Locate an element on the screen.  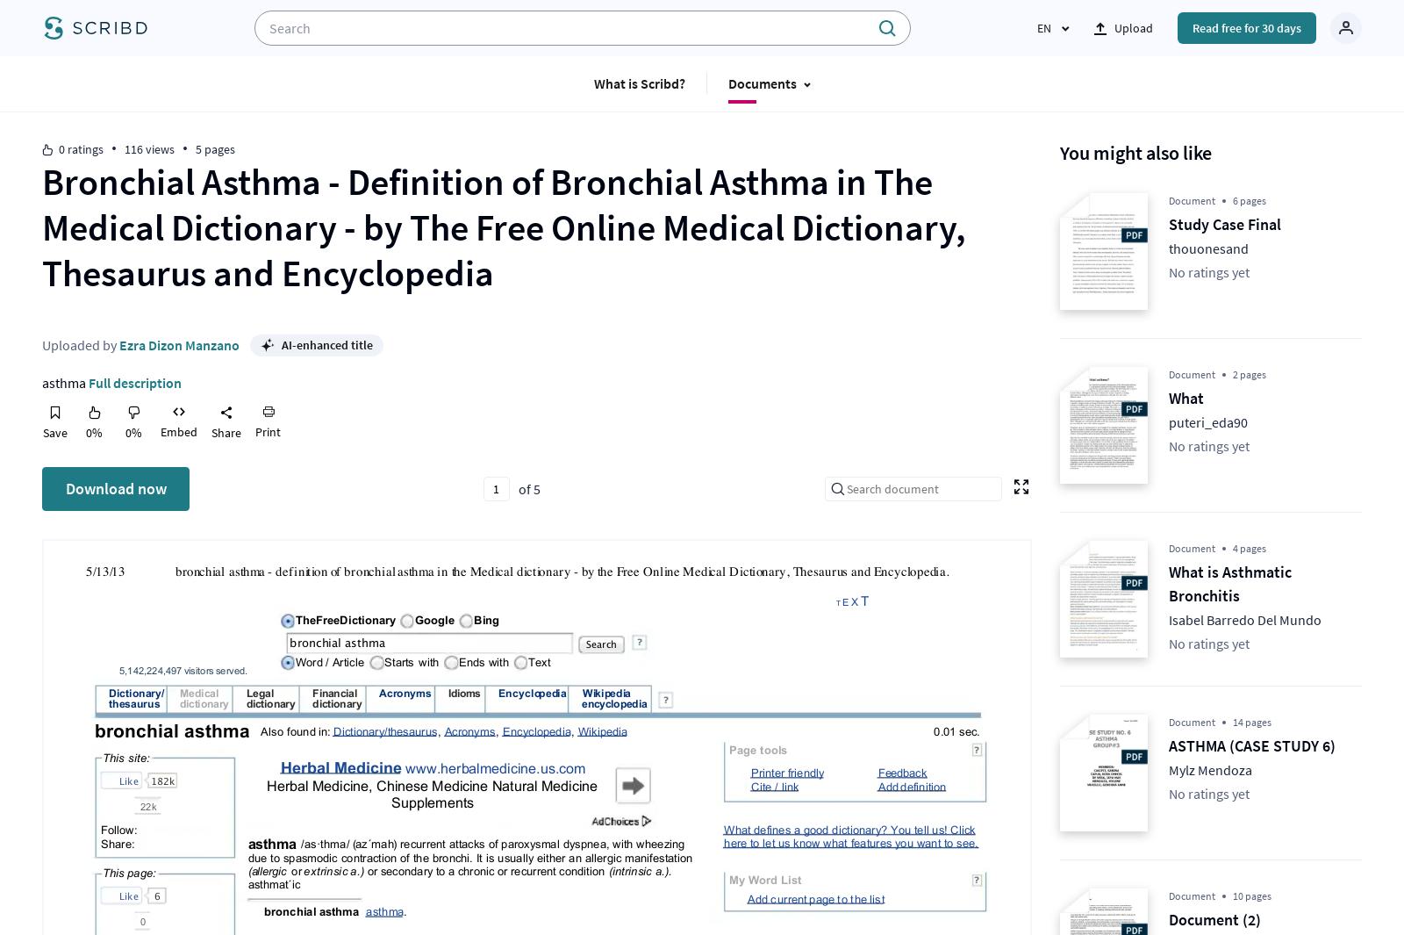
'What' is located at coordinates (1186, 397).